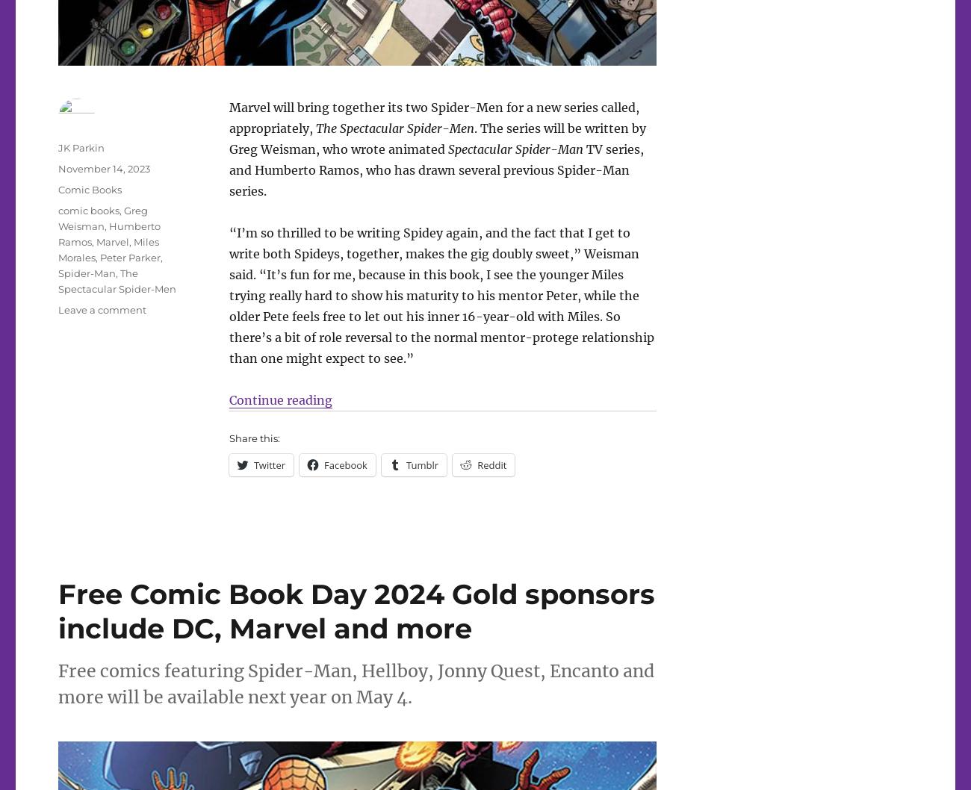 The width and height of the screenshot is (971, 790). Describe the element at coordinates (58, 190) in the screenshot. I see `'Comic Books'` at that location.